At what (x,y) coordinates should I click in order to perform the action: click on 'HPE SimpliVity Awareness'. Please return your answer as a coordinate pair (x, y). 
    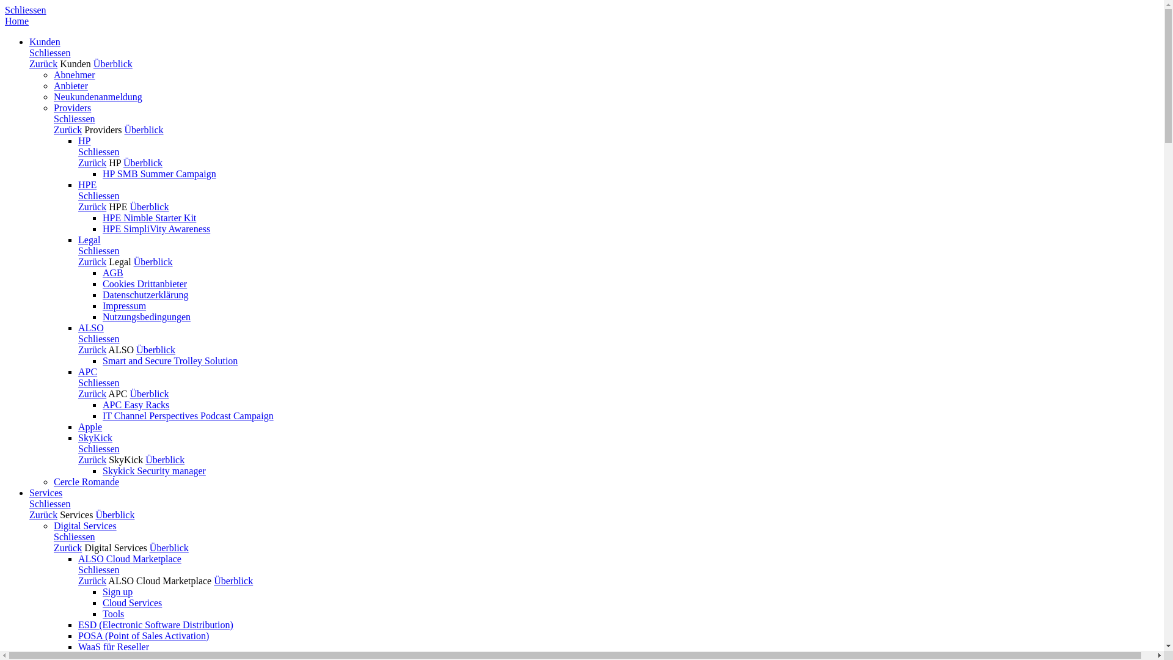
    Looking at the image, I should click on (155, 229).